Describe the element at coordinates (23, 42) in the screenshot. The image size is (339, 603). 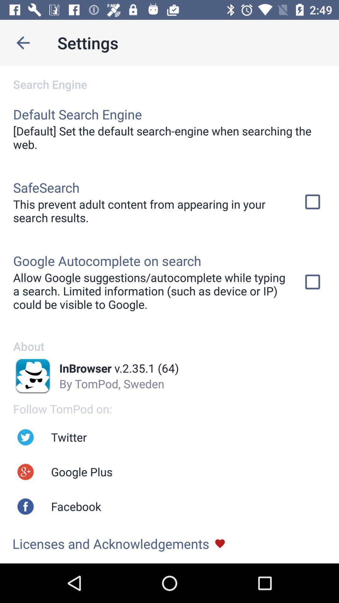
I see `previous window` at that location.